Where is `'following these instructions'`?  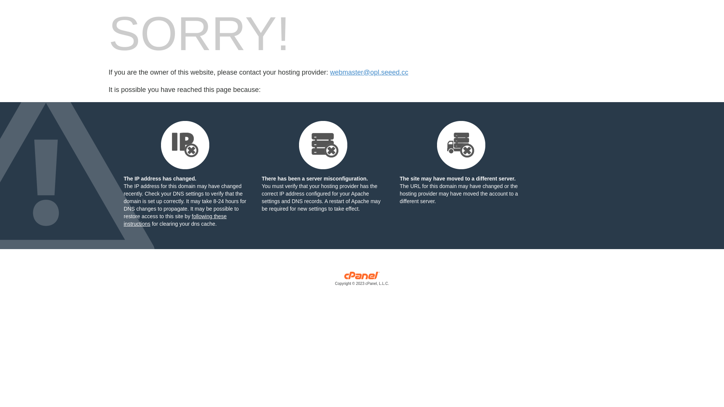 'following these instructions' is located at coordinates (175, 220).